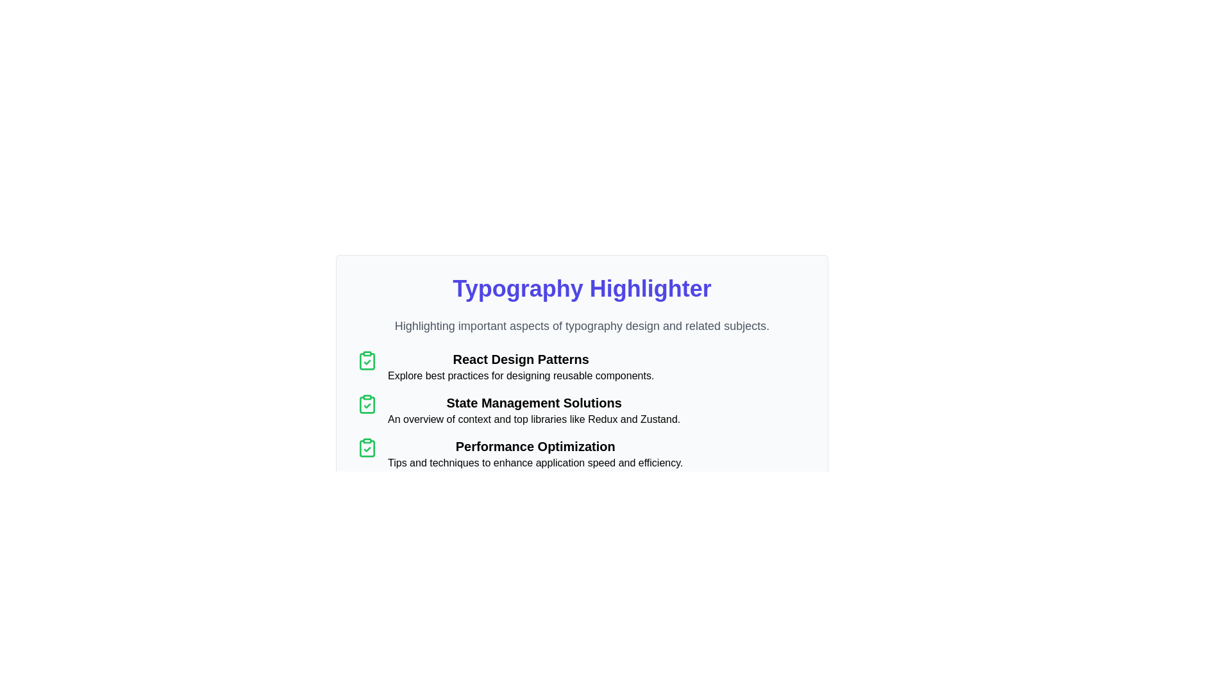  Describe the element at coordinates (534, 410) in the screenshot. I see `the Text block titled 'State Management Solutions', which is the second entry in a list of items containing a heading and a subheading` at that location.